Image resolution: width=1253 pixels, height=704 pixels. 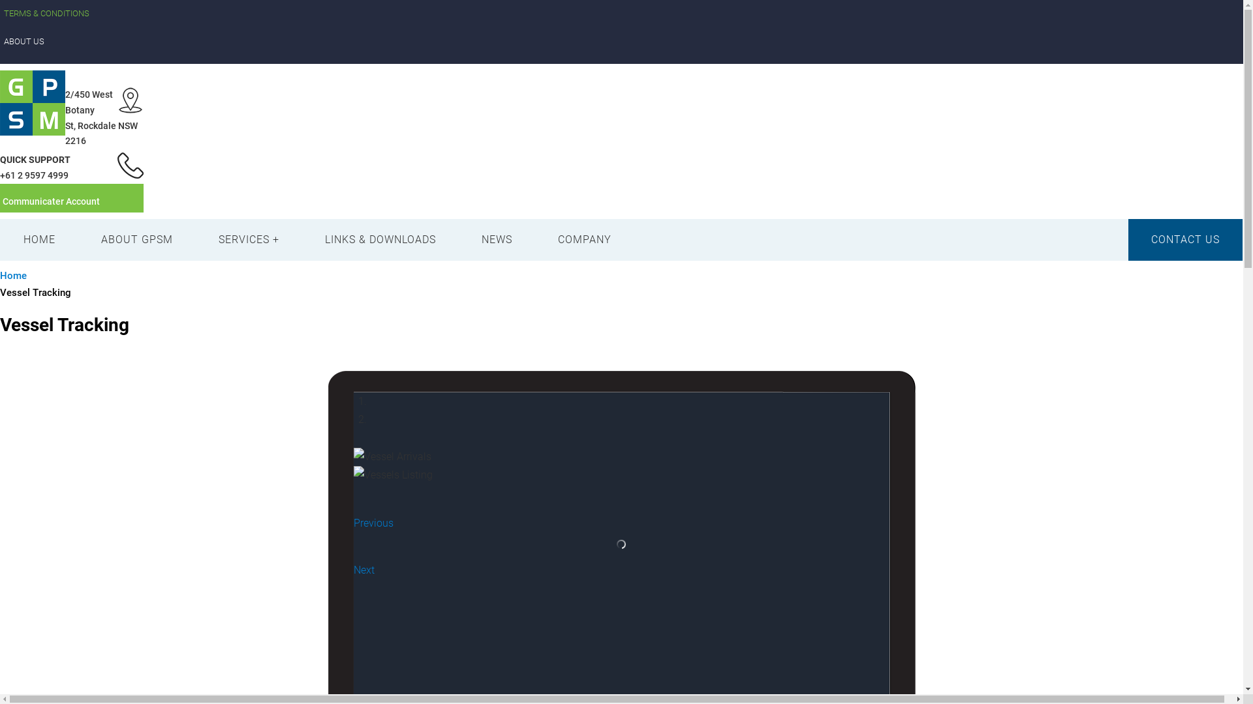 What do you see at coordinates (101, 117) in the screenshot?
I see `'2/450 West Botany` at bounding box center [101, 117].